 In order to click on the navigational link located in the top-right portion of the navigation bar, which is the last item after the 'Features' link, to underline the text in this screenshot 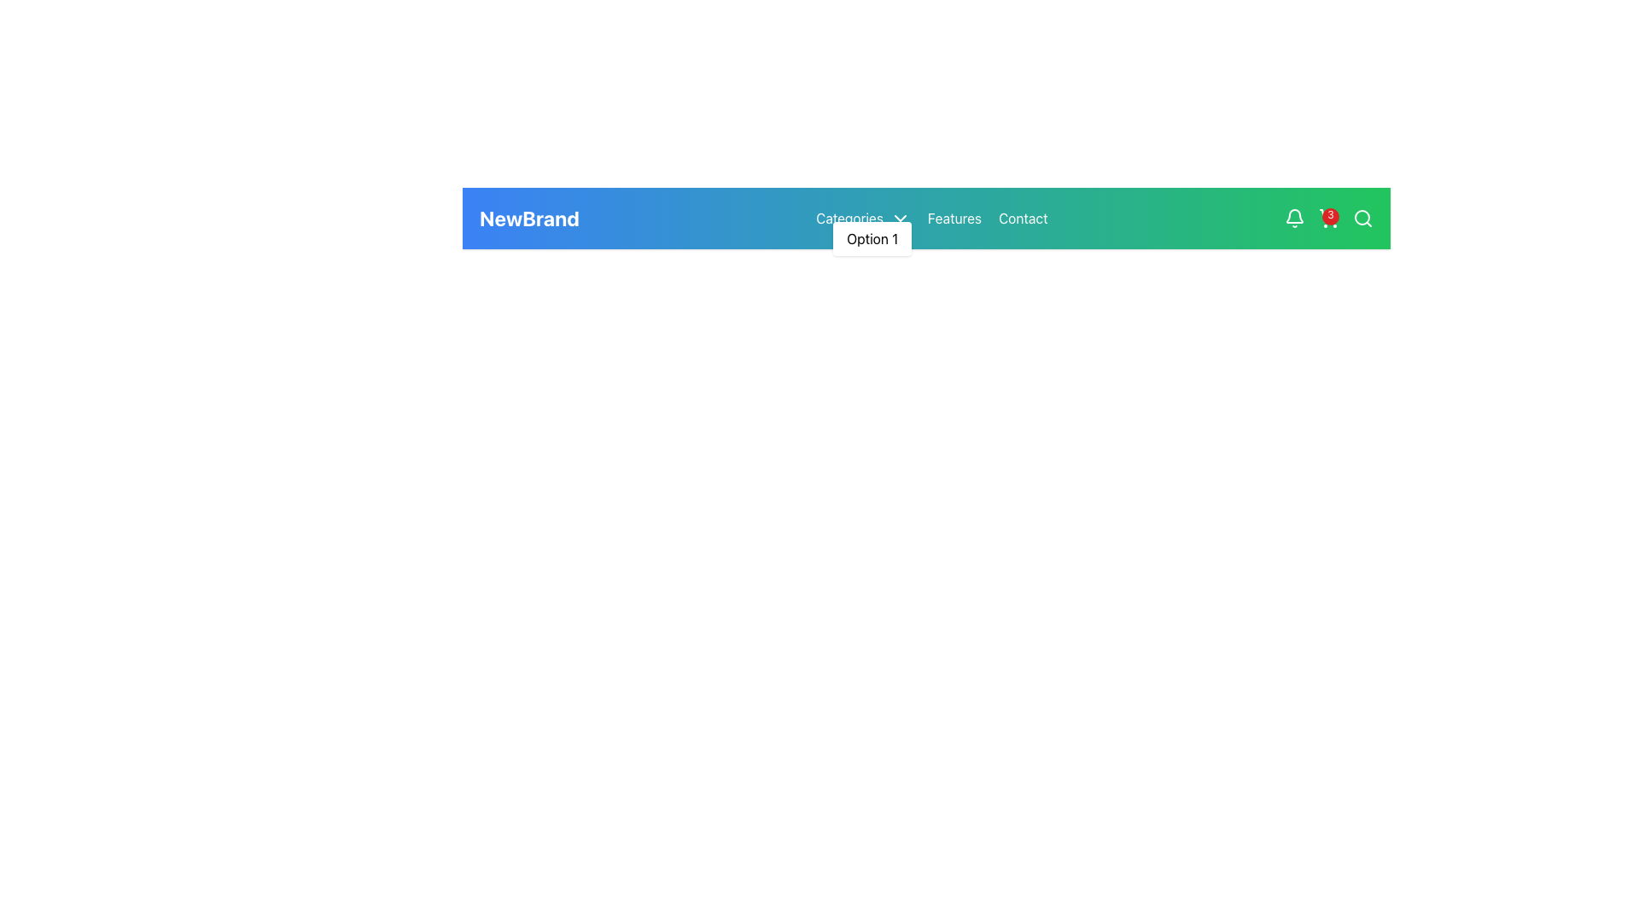, I will do `click(1023, 217)`.